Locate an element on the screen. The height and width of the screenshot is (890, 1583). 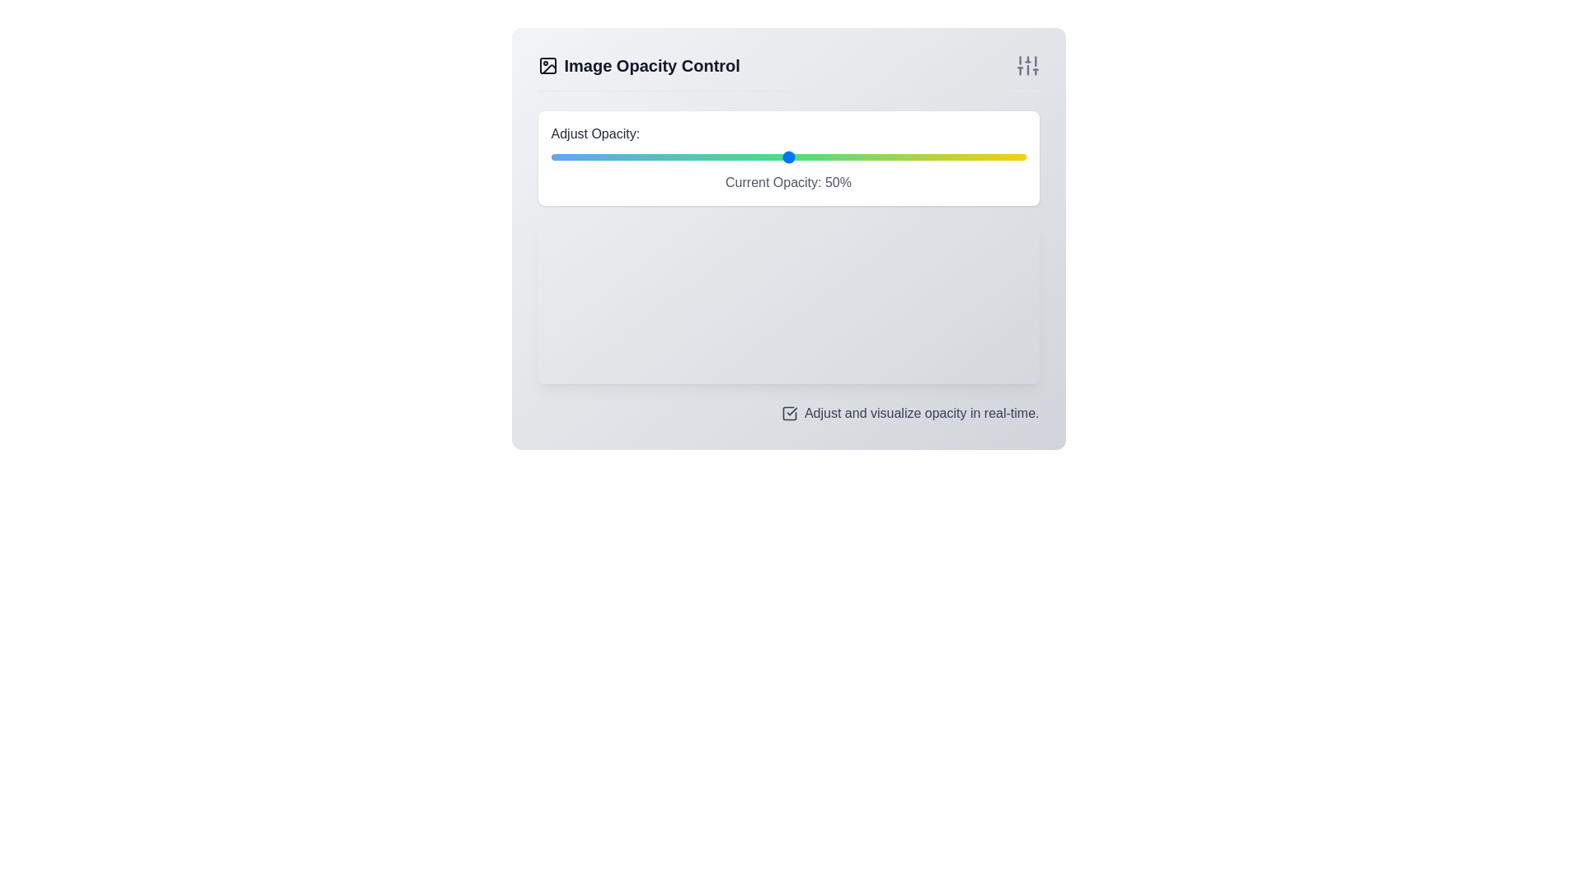
the opacity is located at coordinates (945, 157).